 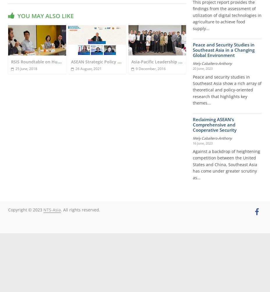 I want to click on 'Reclaiming ASEAN’s Comprehensive and Cooperative Security', so click(x=214, y=124).